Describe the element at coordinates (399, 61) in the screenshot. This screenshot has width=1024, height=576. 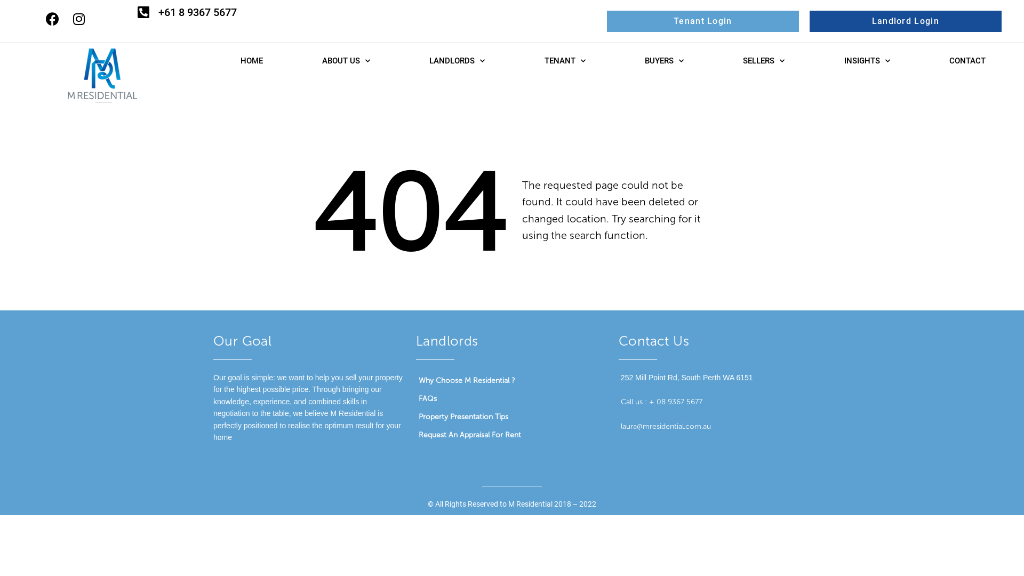
I see `'LANDLORDS'` at that location.